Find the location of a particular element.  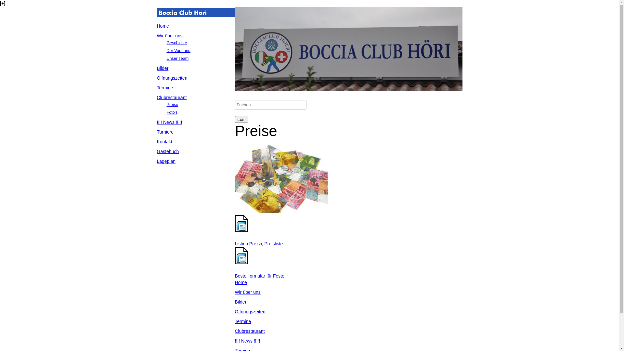

'Unser Team' is located at coordinates (177, 58).